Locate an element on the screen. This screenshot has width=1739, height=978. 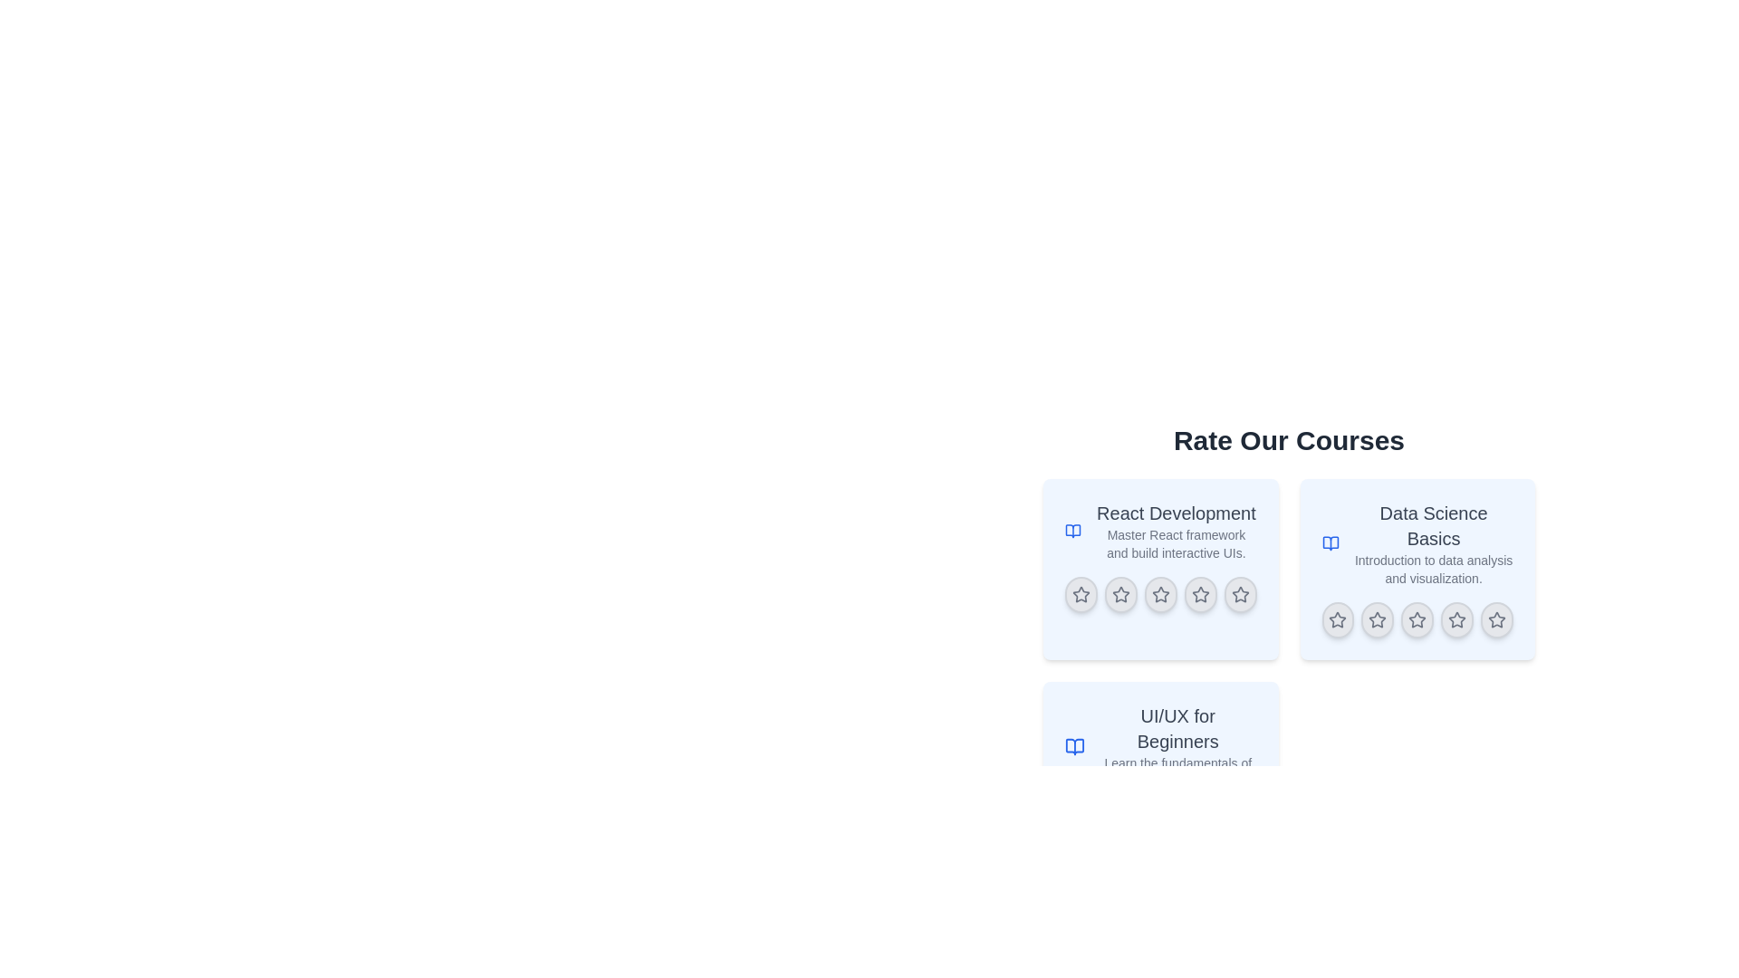
the first star in the rating system of the 'Data Science Basics' section is located at coordinates (1338, 618).